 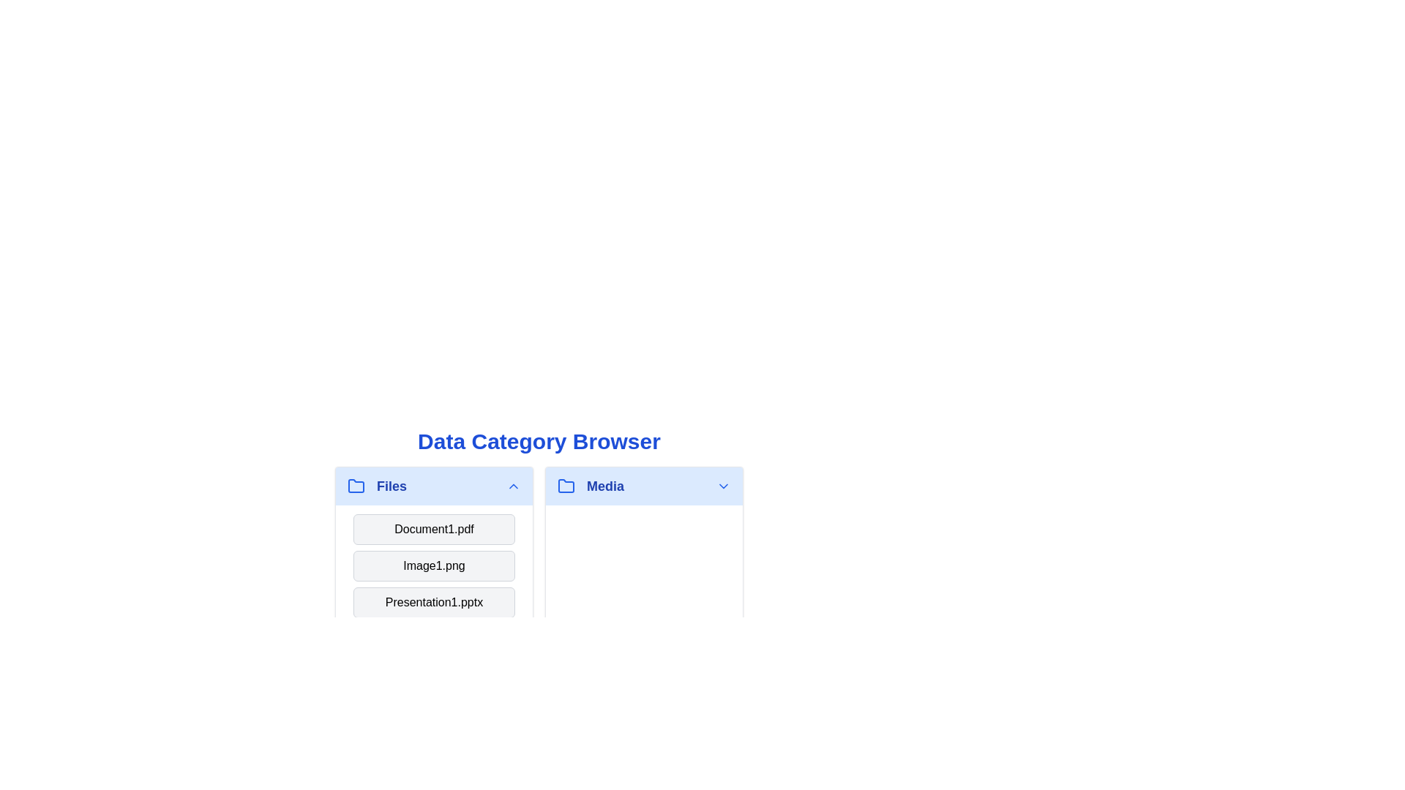 What do you see at coordinates (433, 486) in the screenshot?
I see `the header of the category Files to toggle its expanded state` at bounding box center [433, 486].